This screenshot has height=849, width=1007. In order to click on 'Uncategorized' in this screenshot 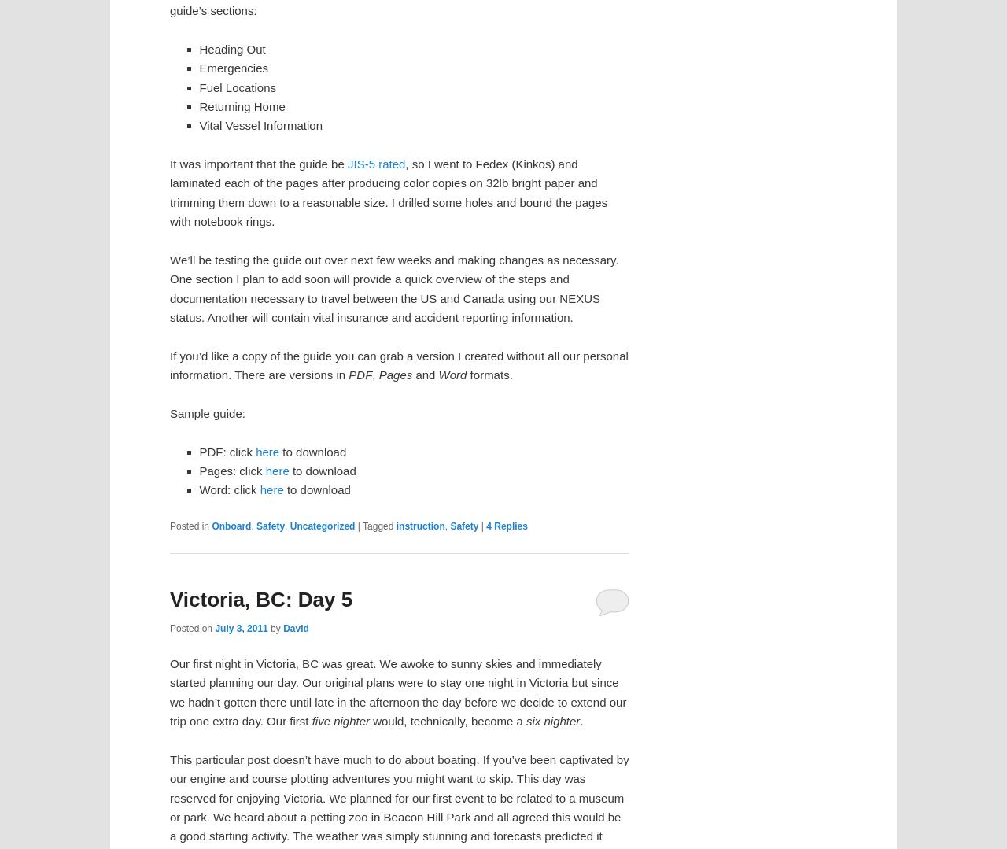, I will do `click(321, 526)`.